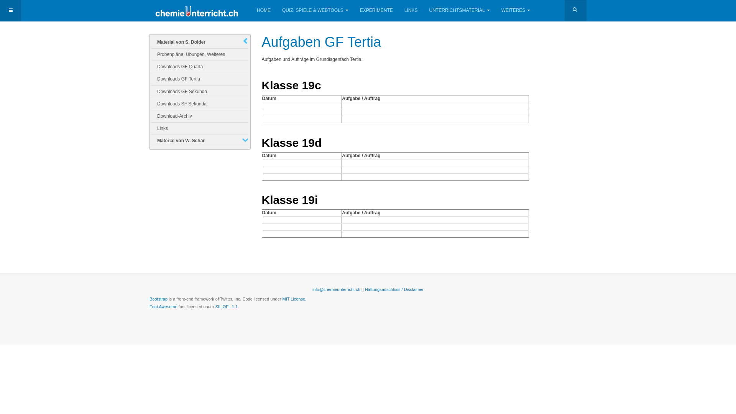 This screenshot has width=736, height=414. I want to click on 'Material von S. Dolder', so click(200, 42).